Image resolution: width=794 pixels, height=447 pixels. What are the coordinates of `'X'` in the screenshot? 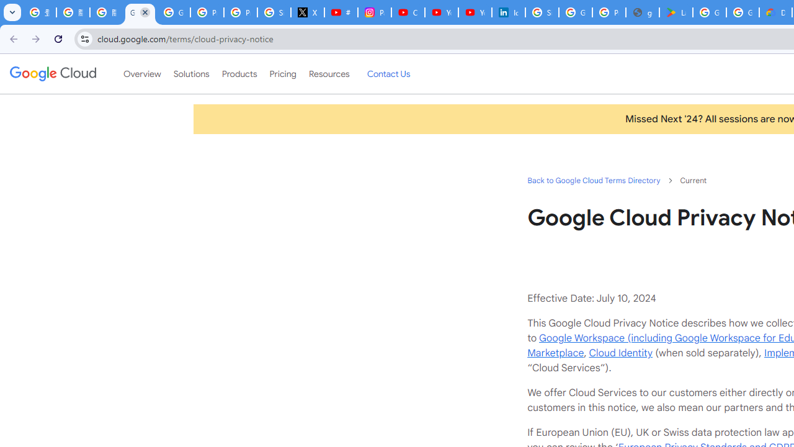 It's located at (308, 12).